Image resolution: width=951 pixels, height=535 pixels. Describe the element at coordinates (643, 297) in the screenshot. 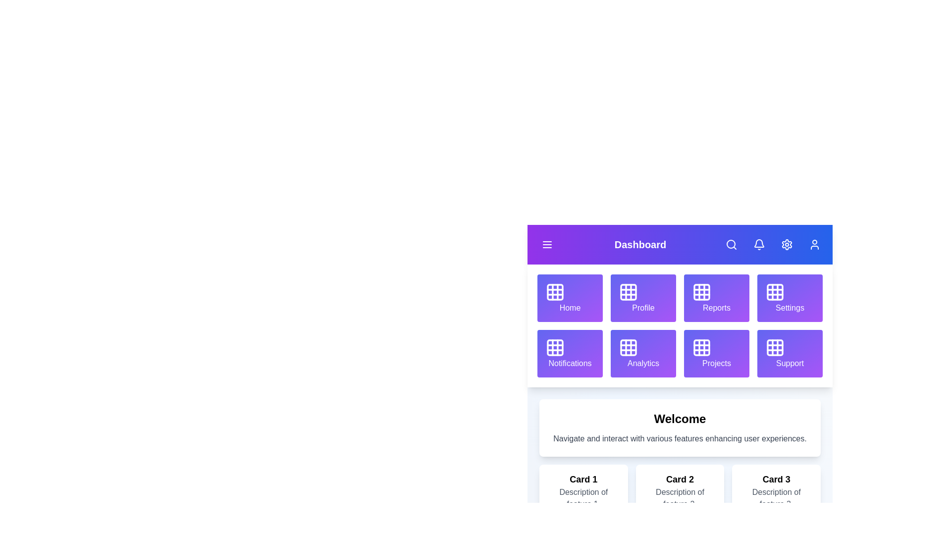

I see `the grid item labeled Profile to navigate to its section` at that location.